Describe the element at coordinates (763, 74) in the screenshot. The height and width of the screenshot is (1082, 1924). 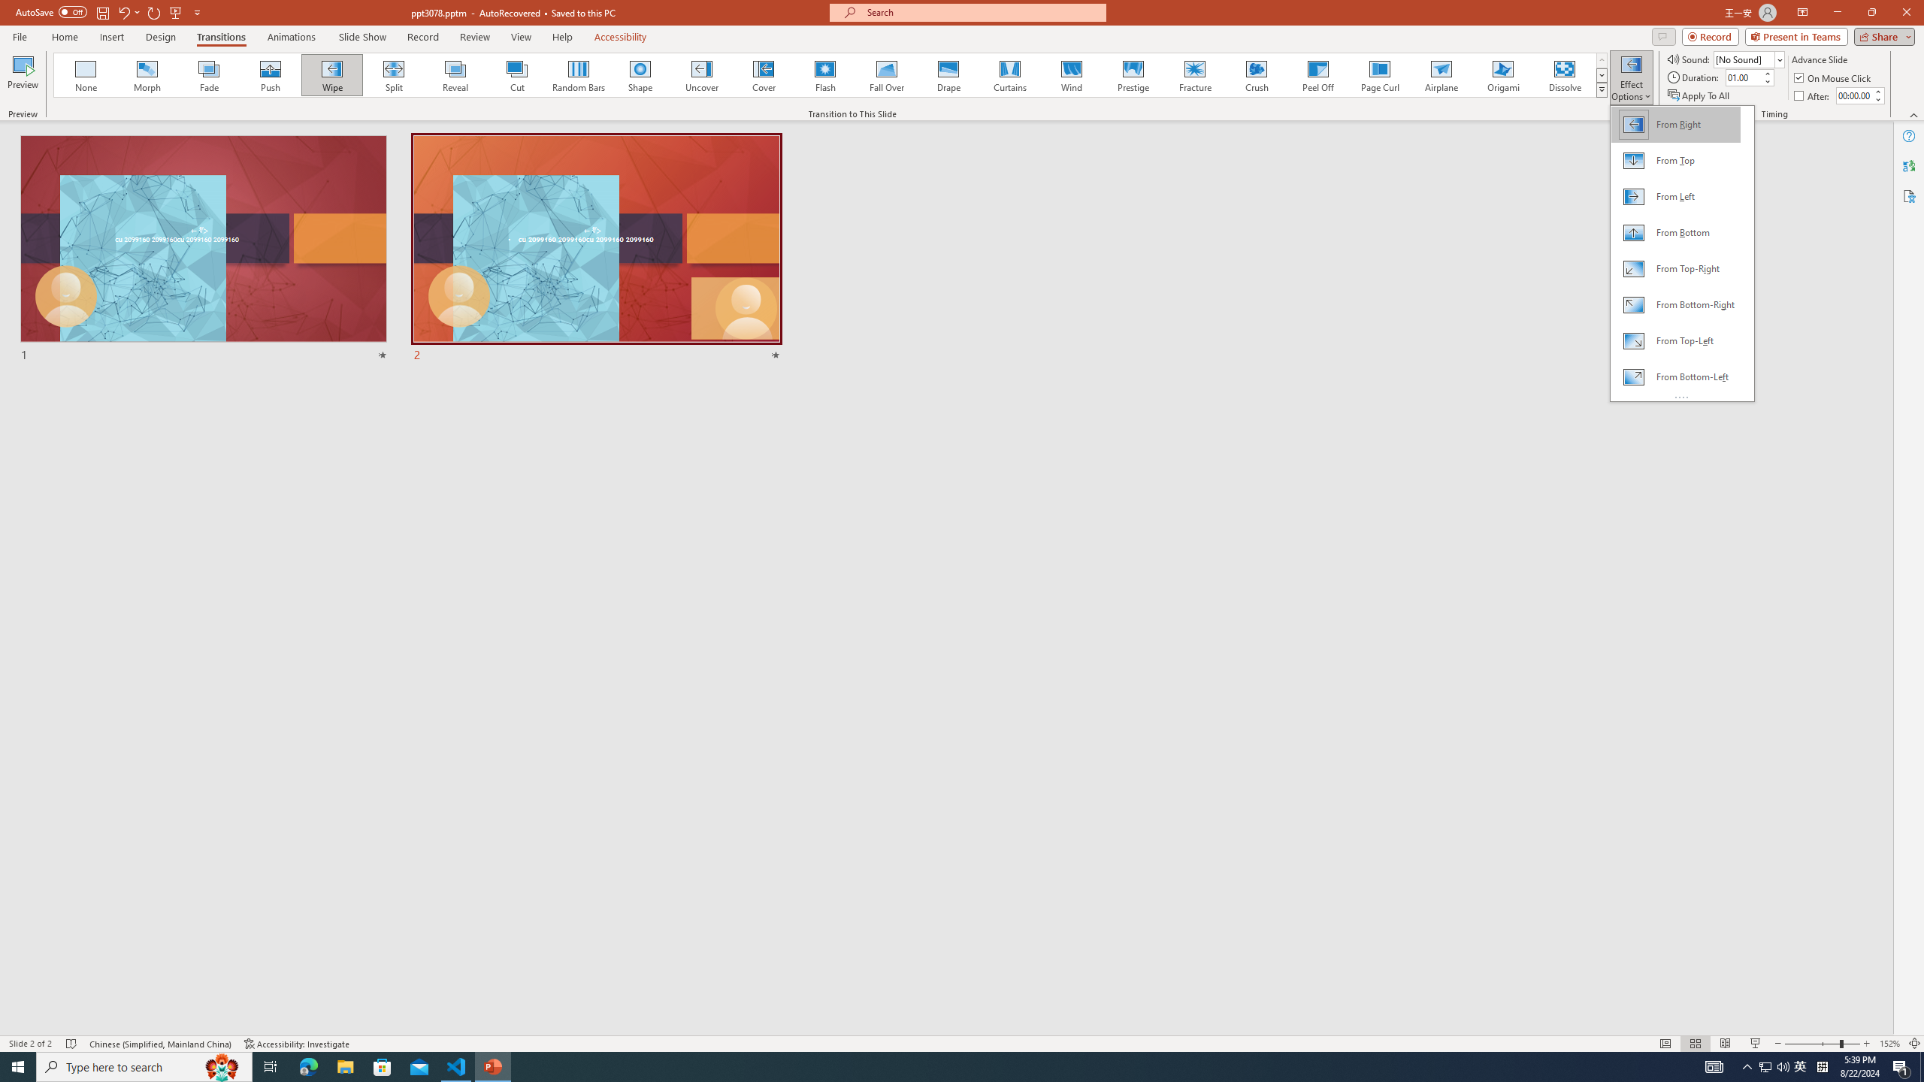
I see `'Cover'` at that location.